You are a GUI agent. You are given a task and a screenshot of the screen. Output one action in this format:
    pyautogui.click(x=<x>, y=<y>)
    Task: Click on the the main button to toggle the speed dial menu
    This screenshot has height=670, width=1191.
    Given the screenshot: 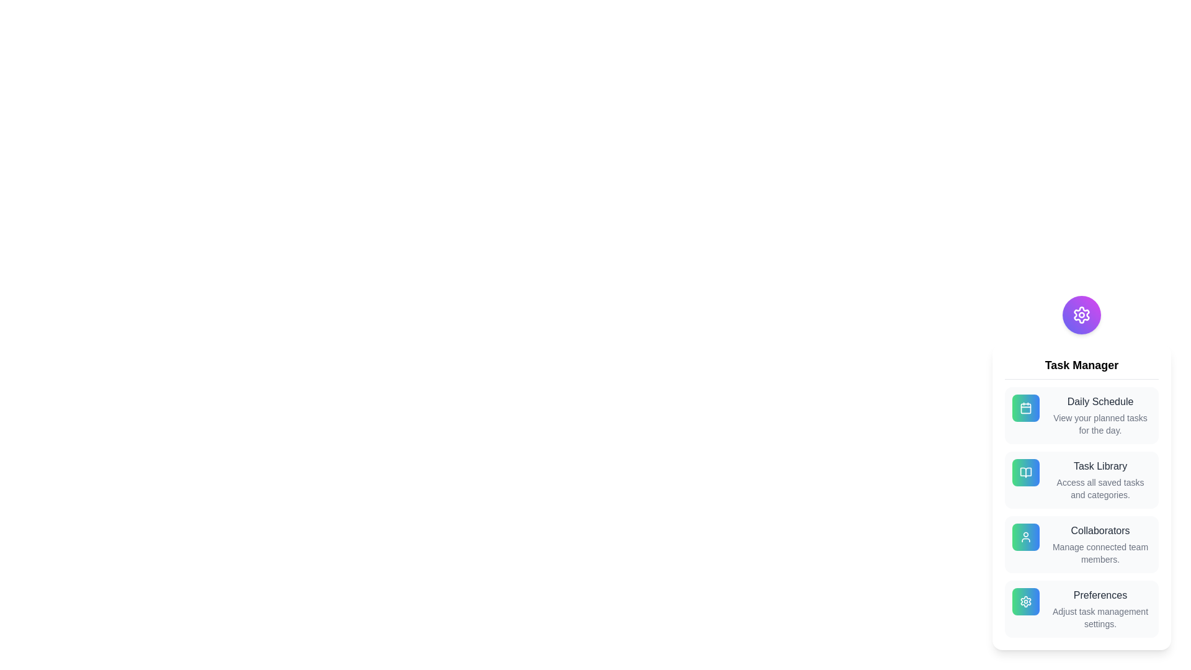 What is the action you would take?
    pyautogui.click(x=1081, y=315)
    